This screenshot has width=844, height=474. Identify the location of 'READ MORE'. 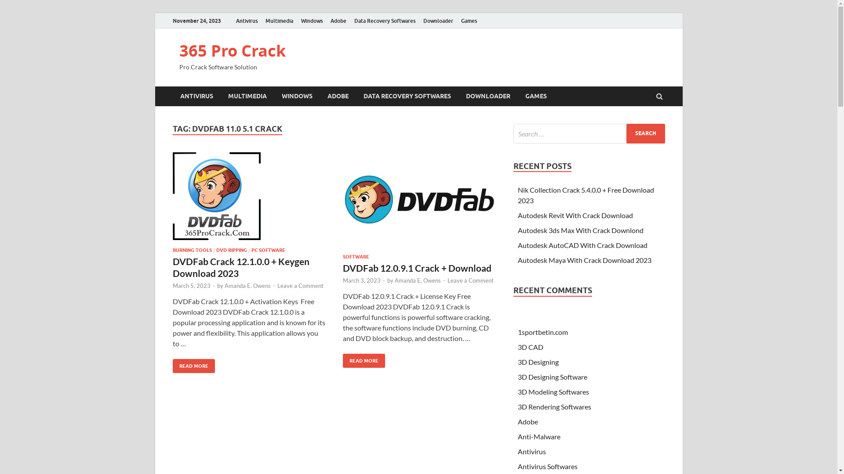
(193, 366).